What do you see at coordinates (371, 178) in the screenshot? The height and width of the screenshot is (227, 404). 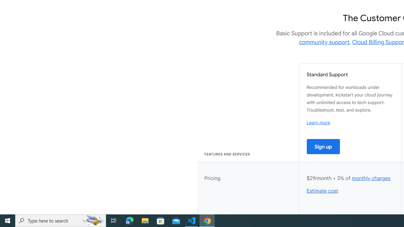 I see `'monthly charges'` at bounding box center [371, 178].